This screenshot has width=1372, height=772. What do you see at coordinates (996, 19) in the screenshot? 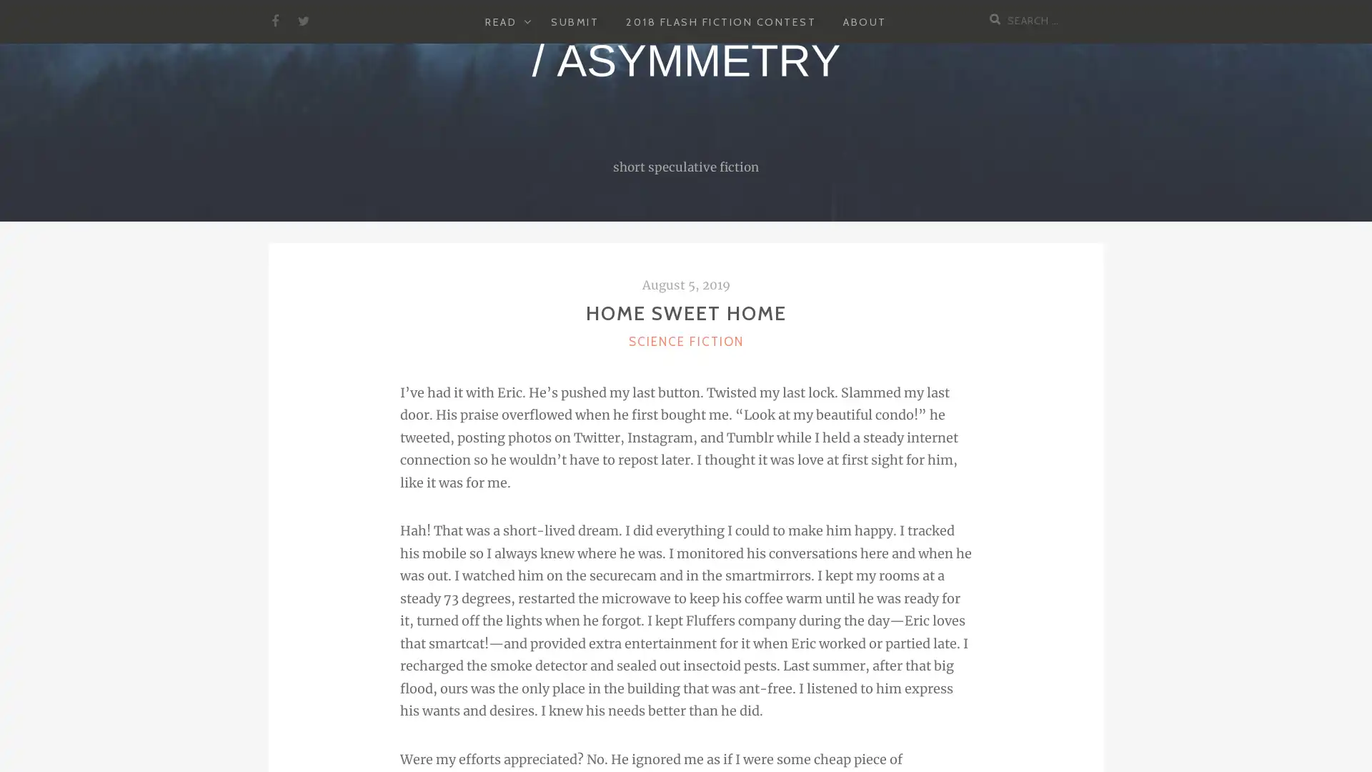
I see `Search` at bounding box center [996, 19].